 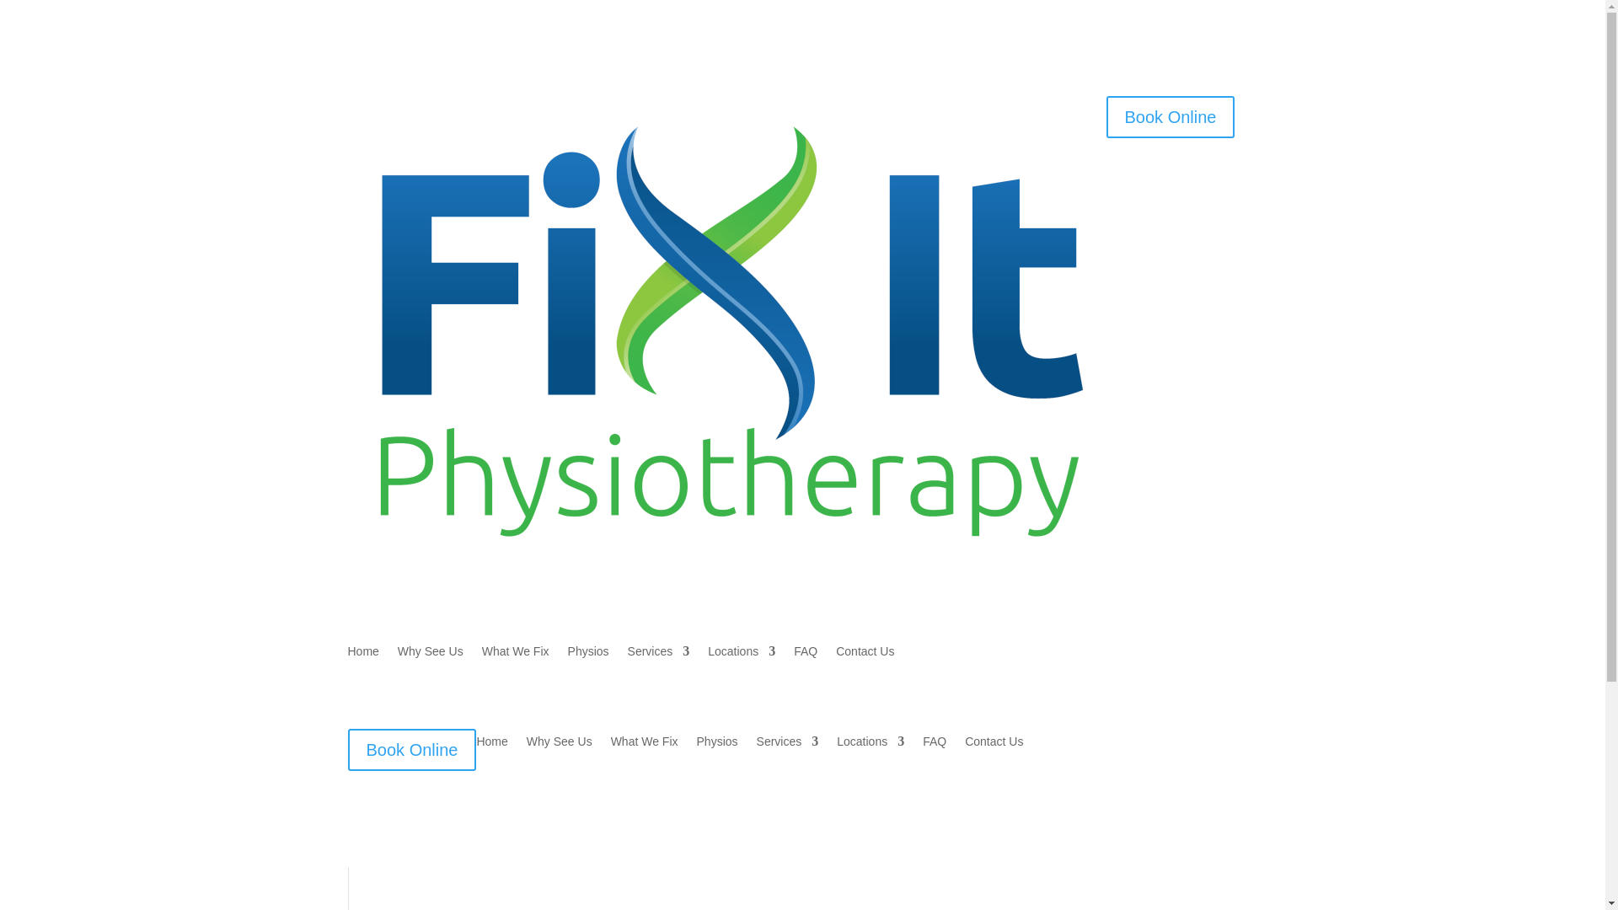 I want to click on 'Home', so click(x=490, y=743).